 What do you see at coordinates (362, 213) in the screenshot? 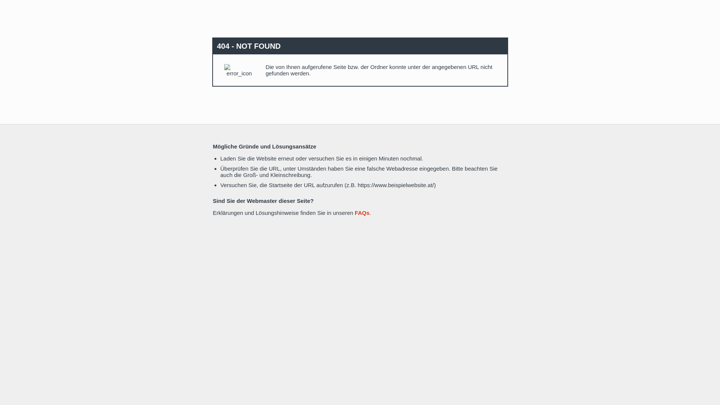
I see `'FAQs'` at bounding box center [362, 213].